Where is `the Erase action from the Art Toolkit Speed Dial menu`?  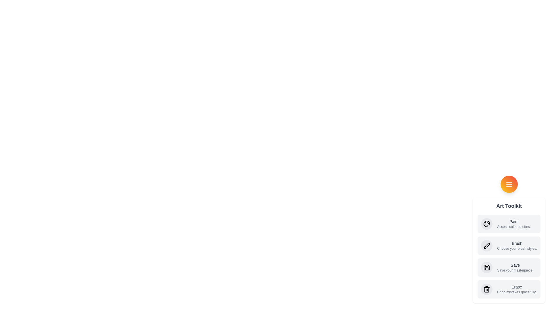
the Erase action from the Art Toolkit Speed Dial menu is located at coordinates (509, 289).